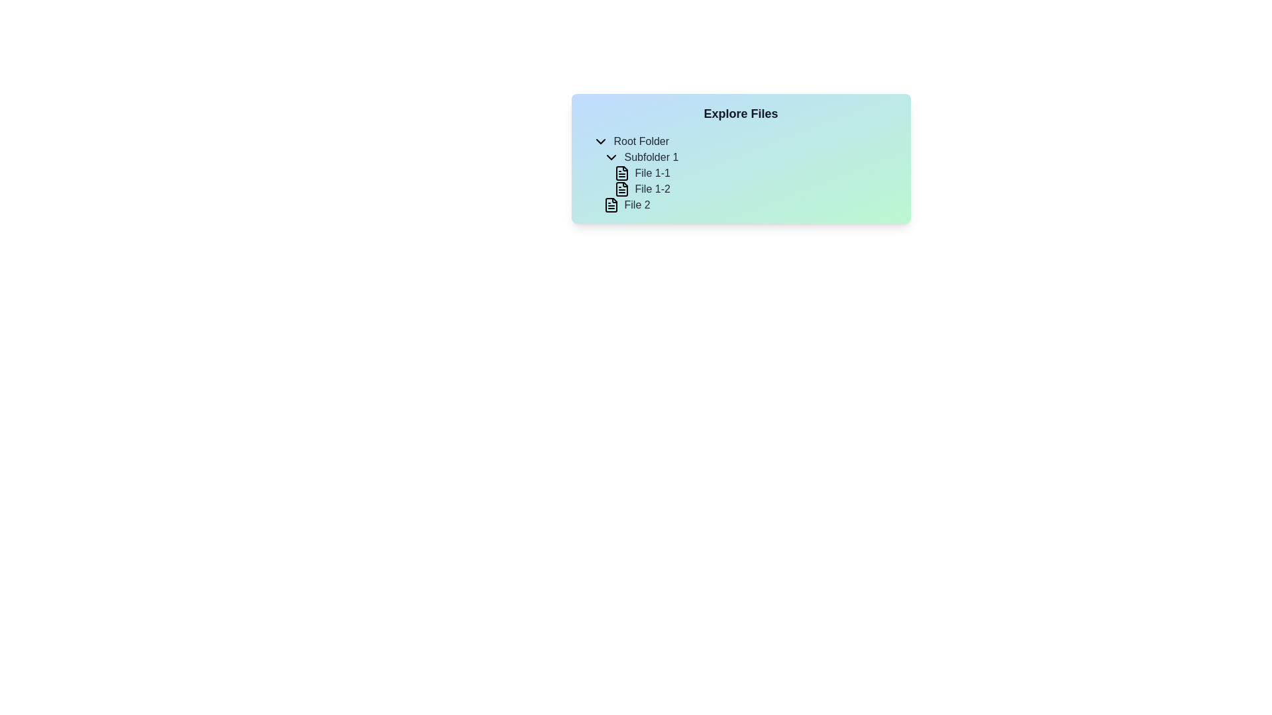  What do you see at coordinates (740, 113) in the screenshot?
I see `the static text label or heading that serves as a title for the section above the file tree display` at bounding box center [740, 113].